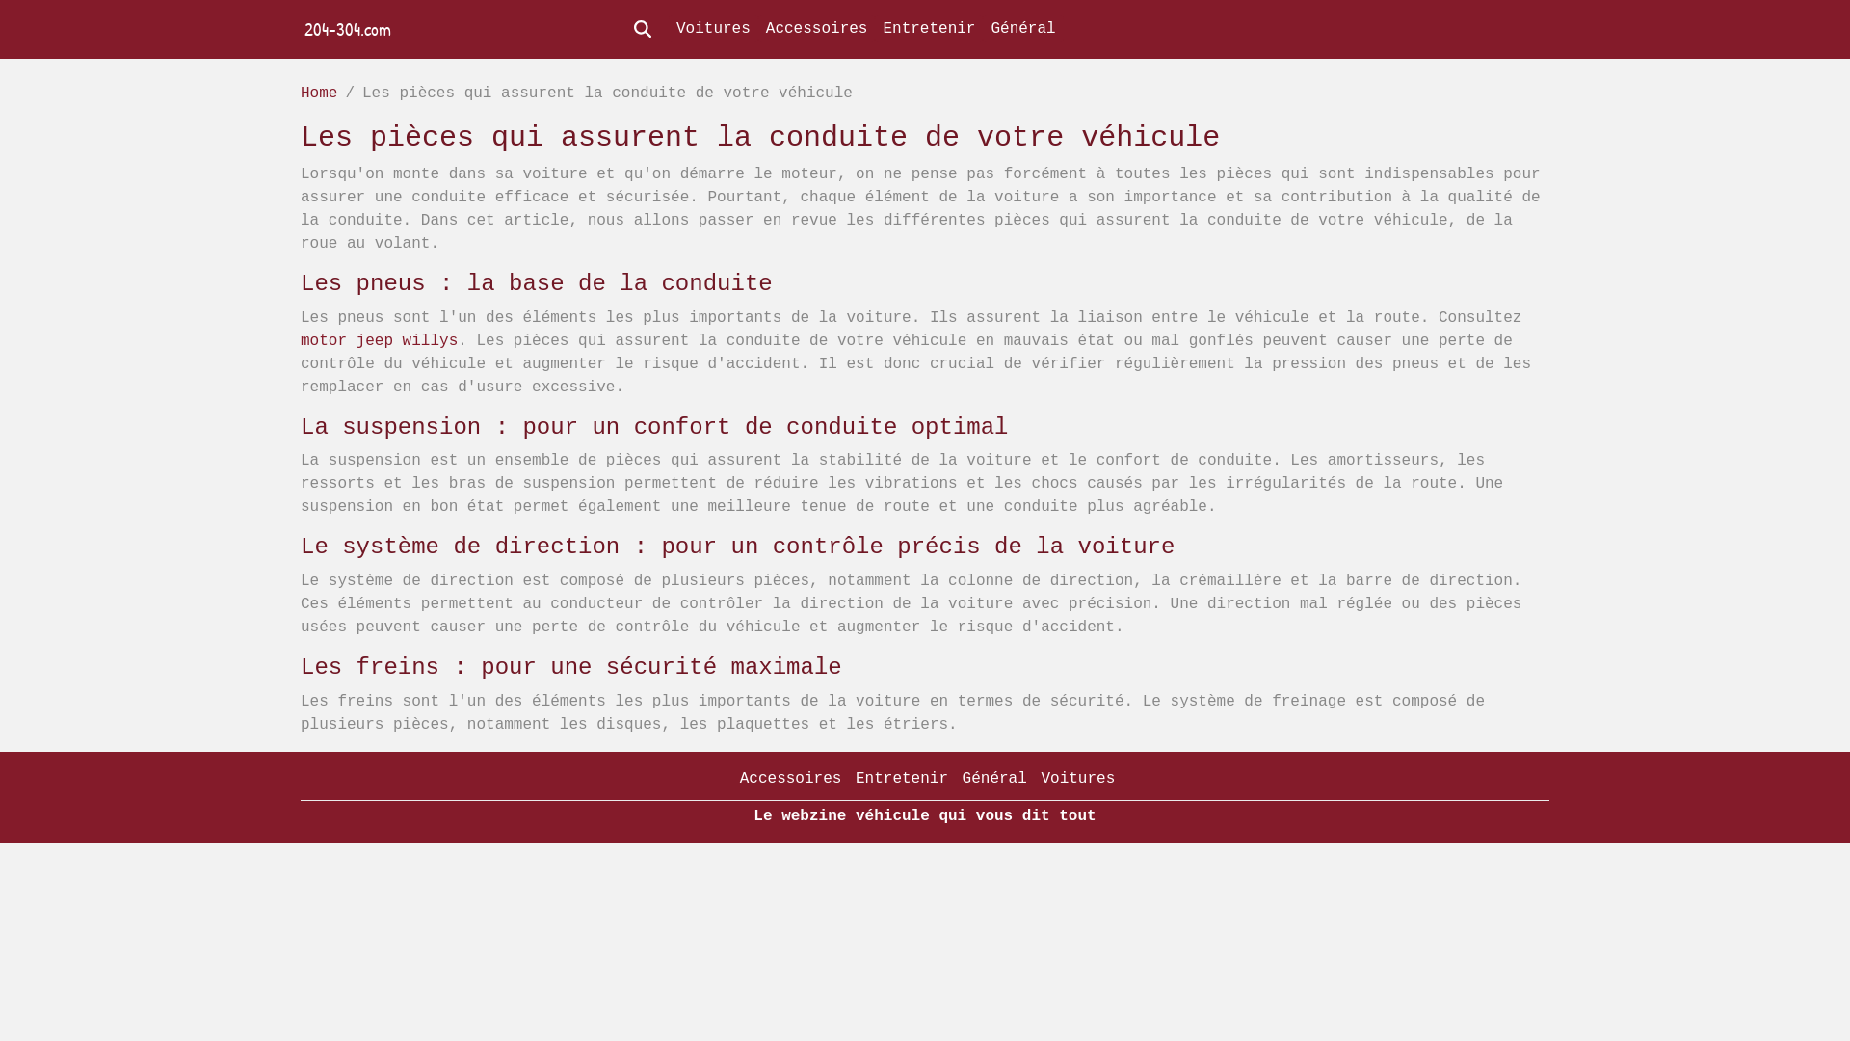 The width and height of the screenshot is (1850, 1041). Describe the element at coordinates (1076, 777) in the screenshot. I see `'Voitures'` at that location.